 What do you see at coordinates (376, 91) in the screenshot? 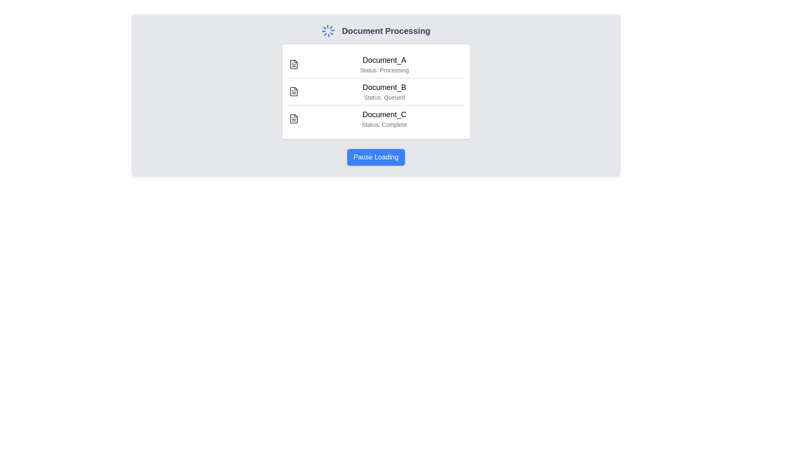
I see `the Informational label displaying 'Document_B: Status: Queued', which is the second item in the list of document statuses` at bounding box center [376, 91].